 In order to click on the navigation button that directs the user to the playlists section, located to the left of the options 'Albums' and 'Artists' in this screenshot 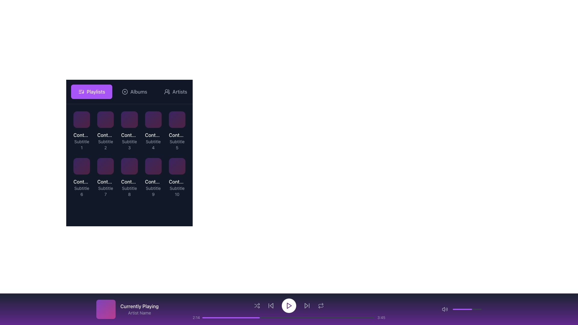, I will do `click(91, 91)`.